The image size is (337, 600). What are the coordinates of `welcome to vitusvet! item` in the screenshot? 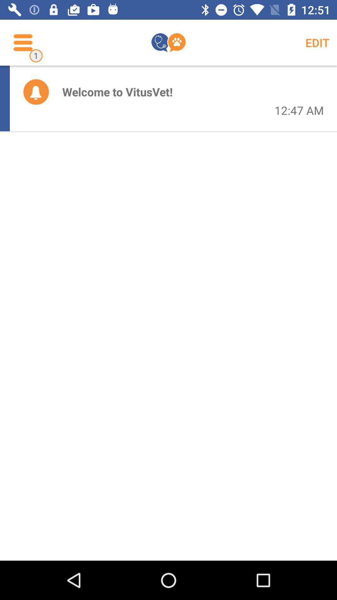 It's located at (117, 91).